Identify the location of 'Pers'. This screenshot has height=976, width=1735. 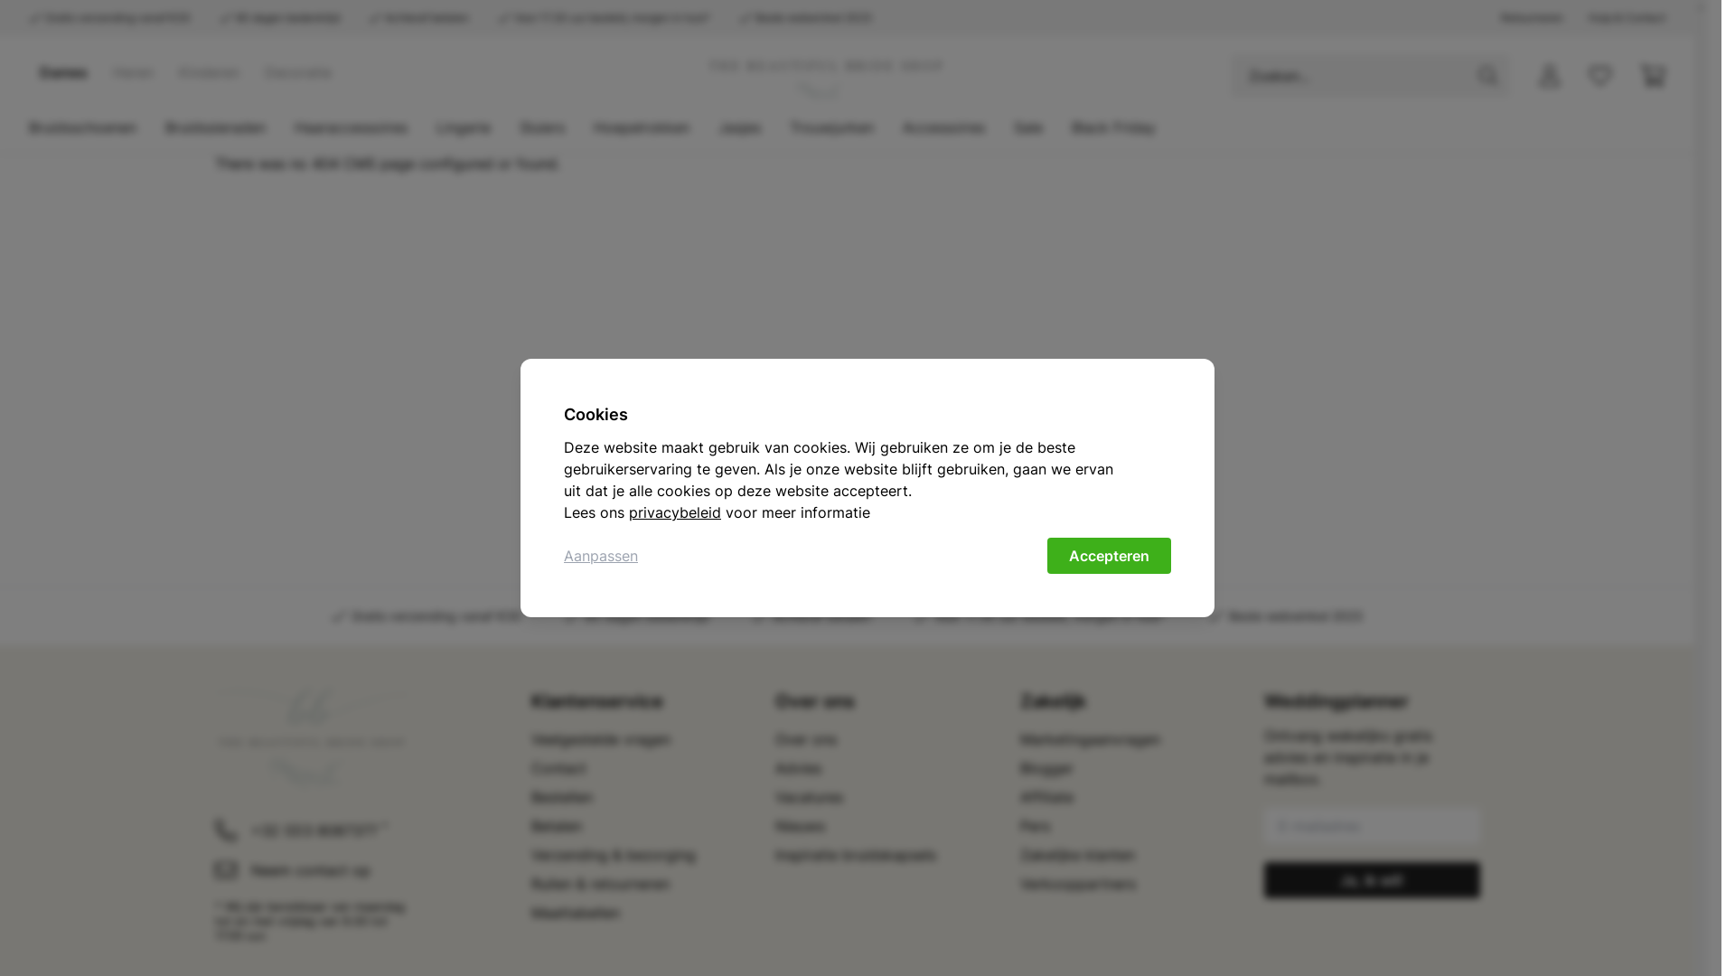
(1034, 826).